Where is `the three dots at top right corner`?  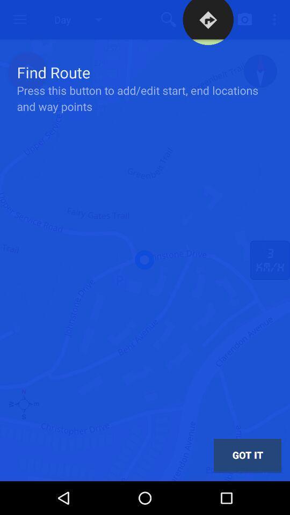
the three dots at top right corner is located at coordinates (276, 19).